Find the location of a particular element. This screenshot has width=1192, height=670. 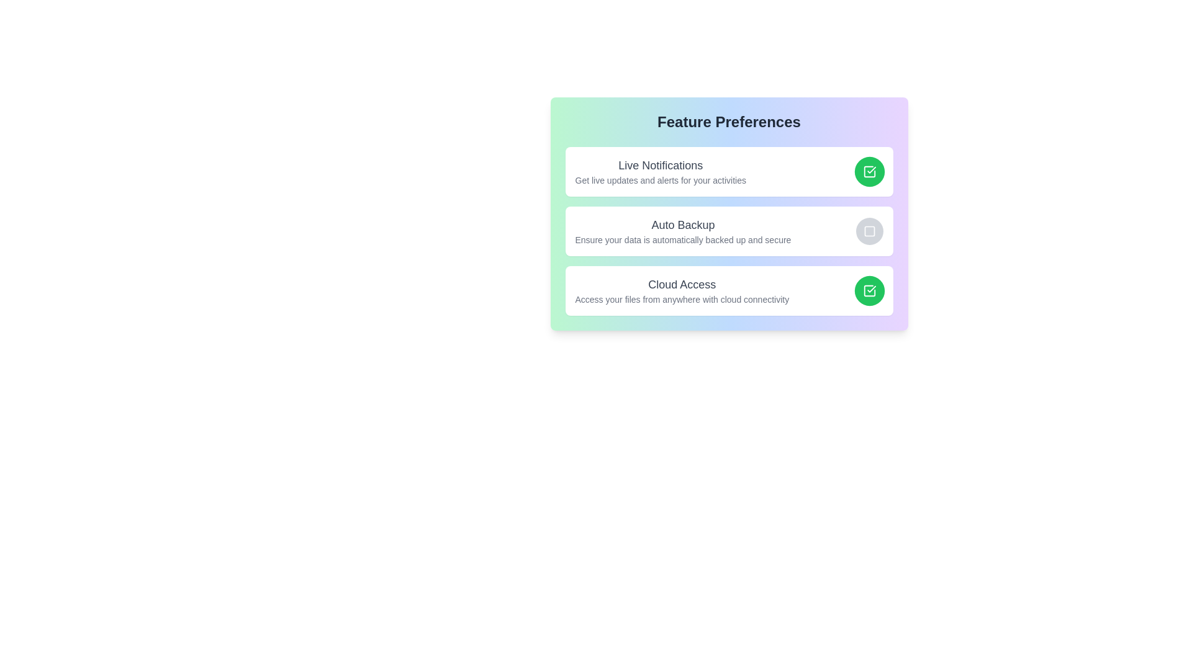

descriptive text about the 'Cloud Access' feature located below its title in the UI is located at coordinates (681, 299).